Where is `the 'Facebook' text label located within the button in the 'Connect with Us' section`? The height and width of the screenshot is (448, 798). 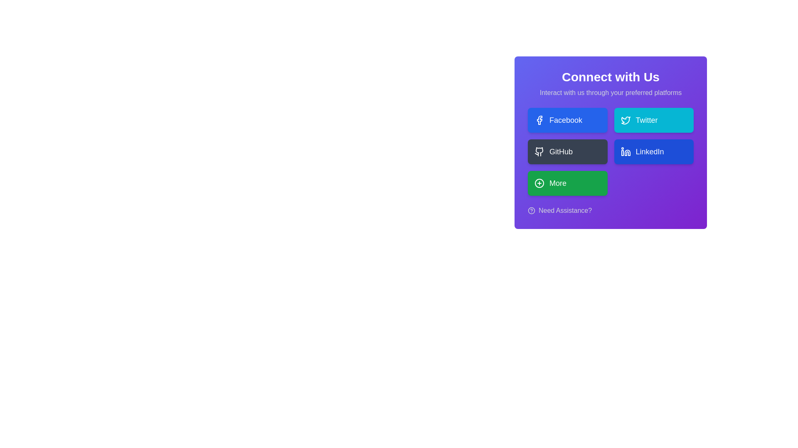 the 'Facebook' text label located within the button in the 'Connect with Us' section is located at coordinates (565, 120).